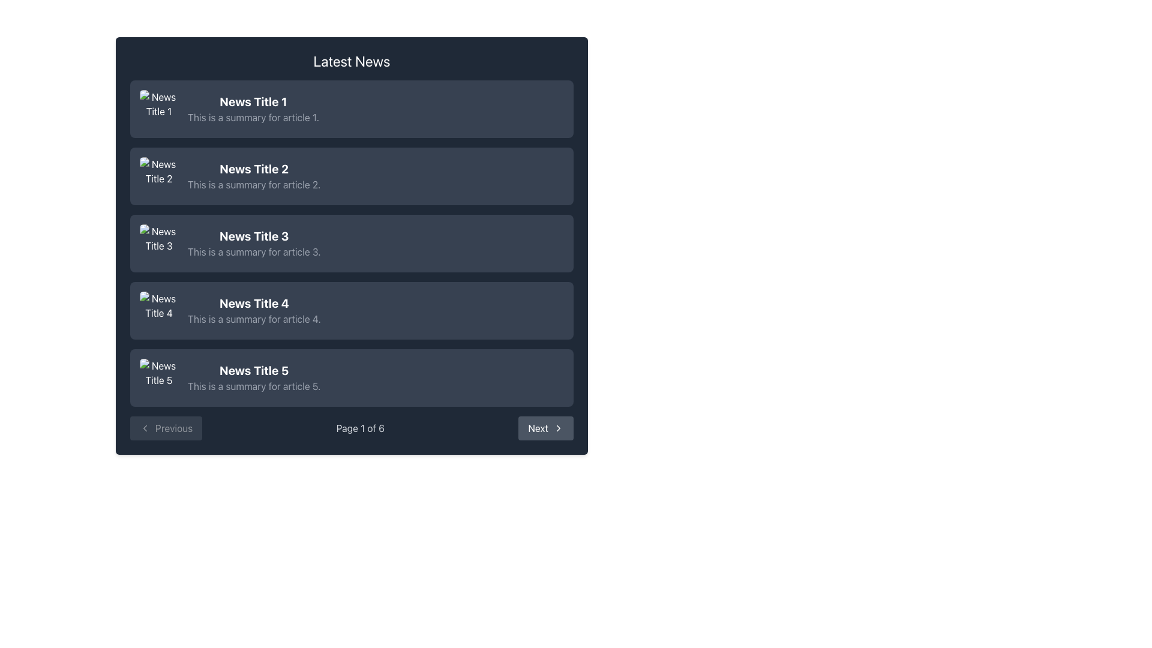  What do you see at coordinates (359, 427) in the screenshot?
I see `the page count information displayed in the static text label showing 'Page 1 of 6' located in the lower middle of the footer UI section` at bounding box center [359, 427].